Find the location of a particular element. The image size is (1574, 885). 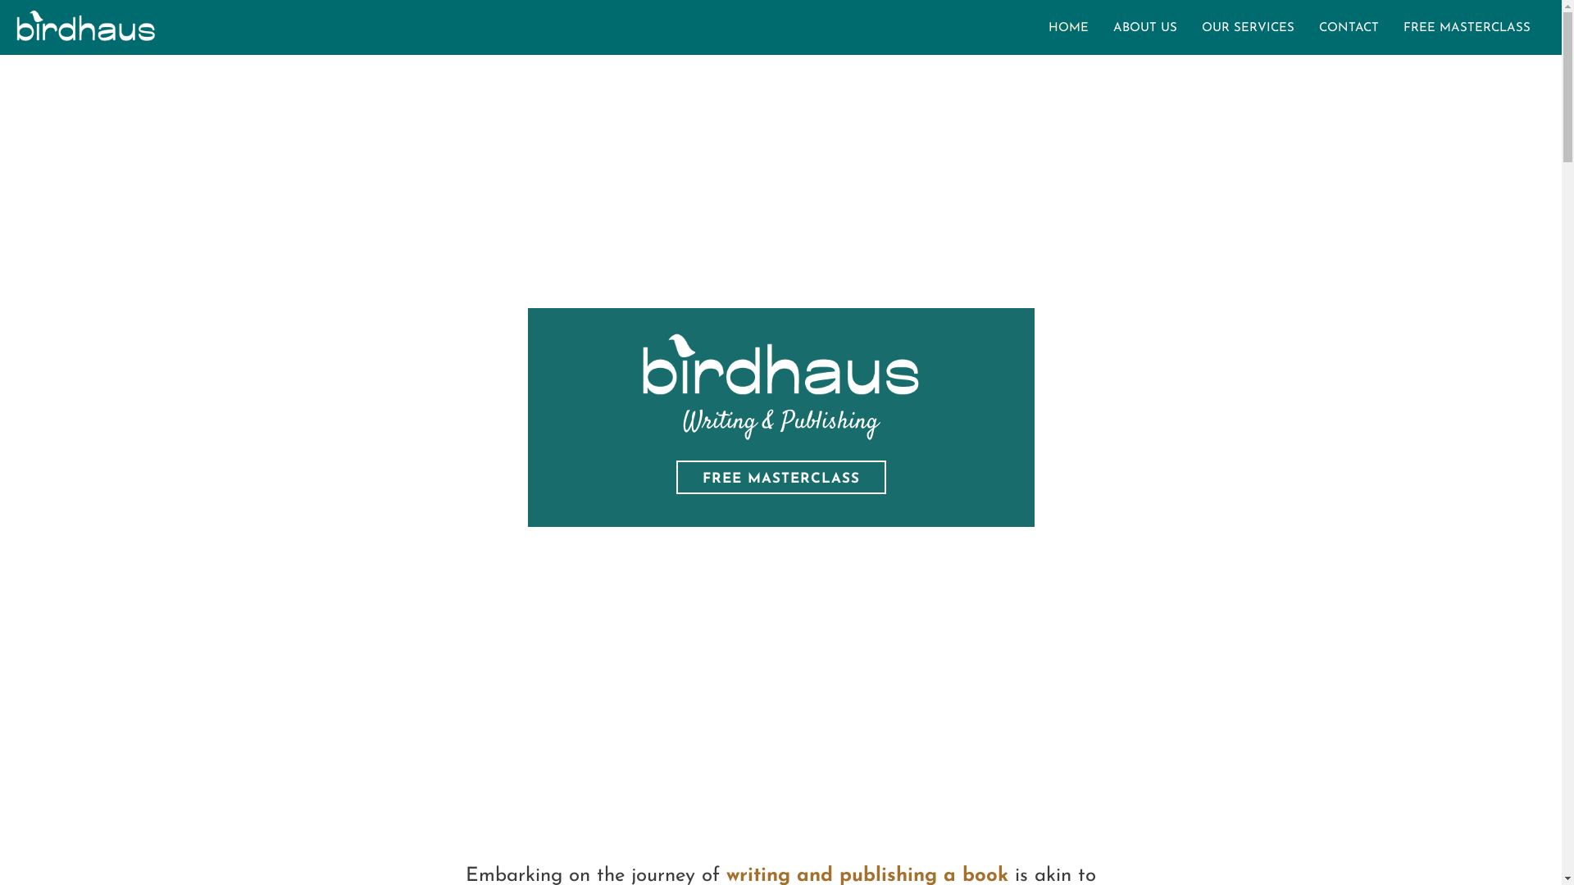

'OUR SERVICES' is located at coordinates (1247, 28).